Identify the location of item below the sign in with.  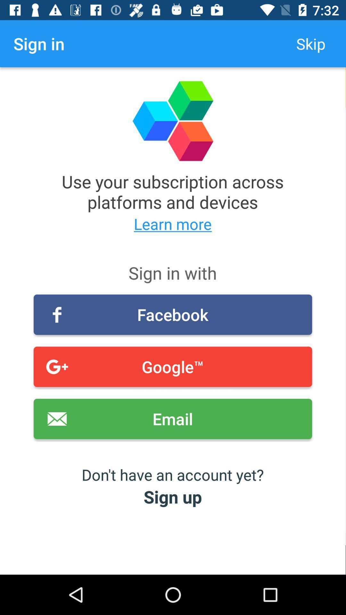
(172, 315).